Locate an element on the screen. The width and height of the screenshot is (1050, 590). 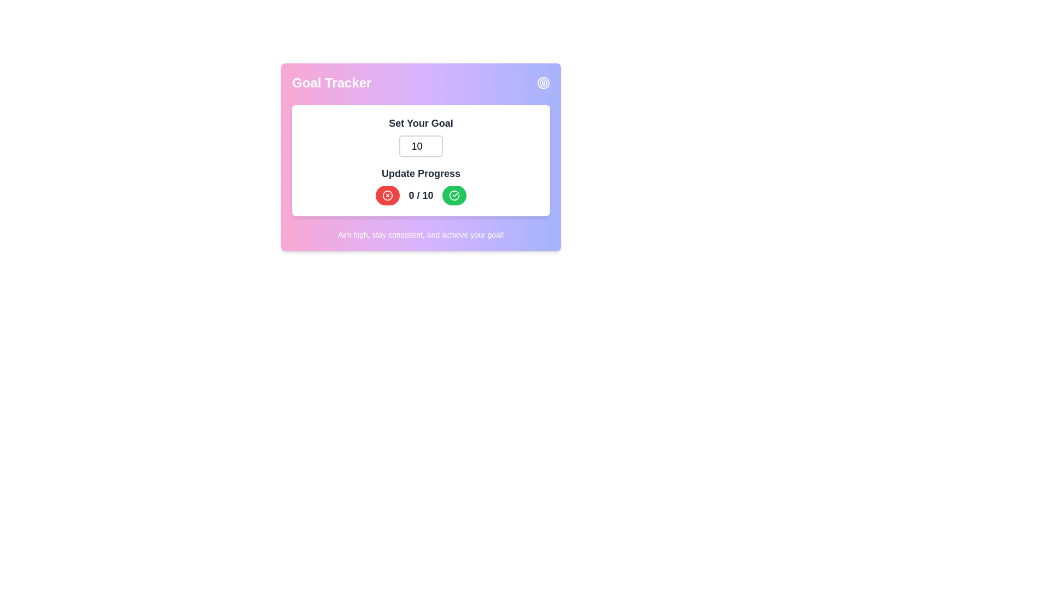
the 'confirm' button located on the right side under the 'Update Progress' label to confirm the progress update is located at coordinates (454, 195).